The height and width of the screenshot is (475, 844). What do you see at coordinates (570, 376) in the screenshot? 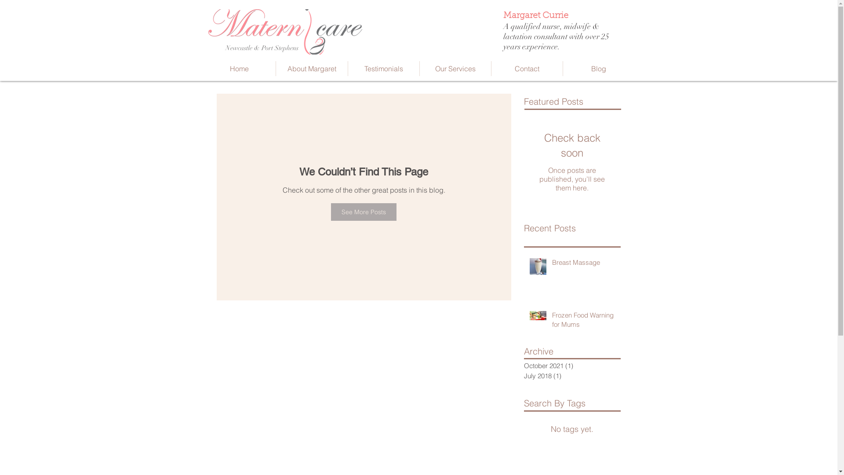
I see `'July 2018 (1)'` at bounding box center [570, 376].